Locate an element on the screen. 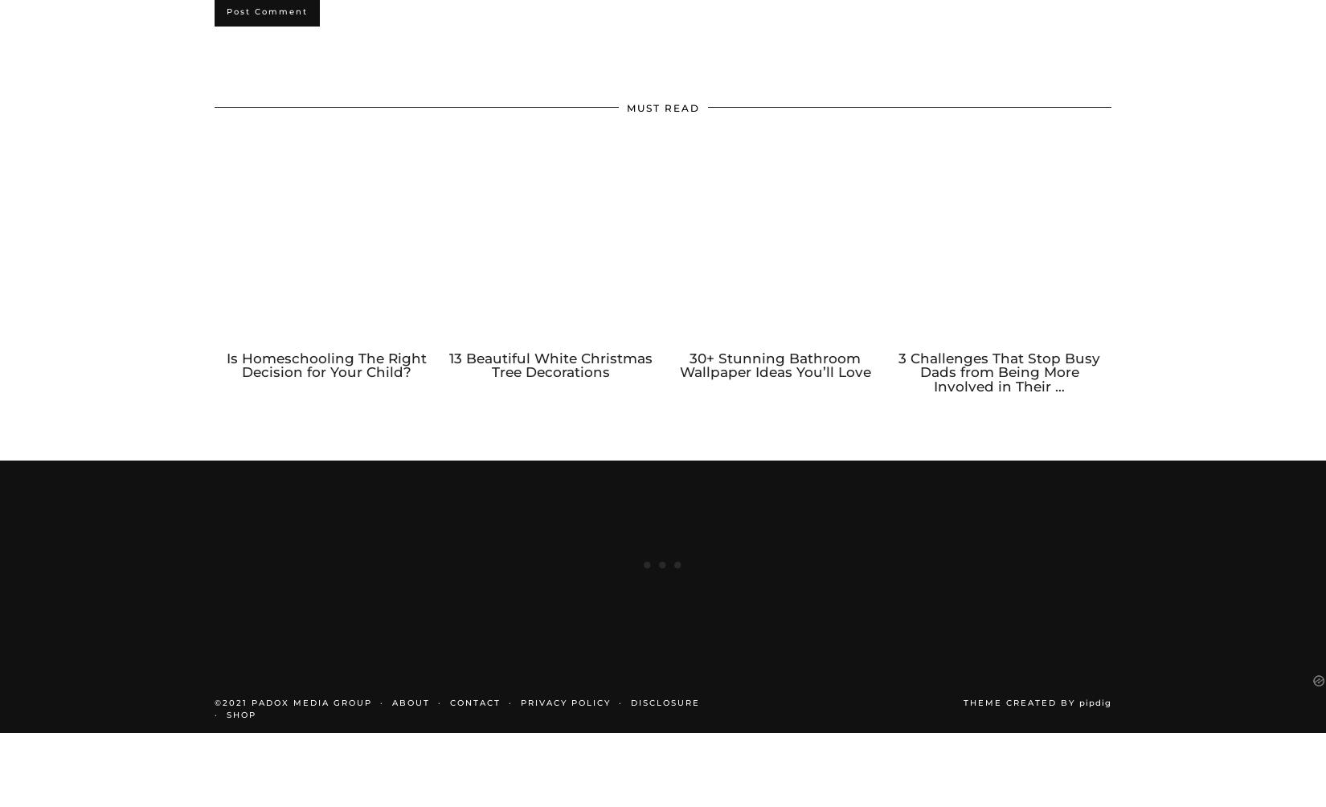 This screenshot has width=1326, height=807. '3 Challenges That Stop Busy Dads from Being More Involved in Their …' is located at coordinates (898, 388).